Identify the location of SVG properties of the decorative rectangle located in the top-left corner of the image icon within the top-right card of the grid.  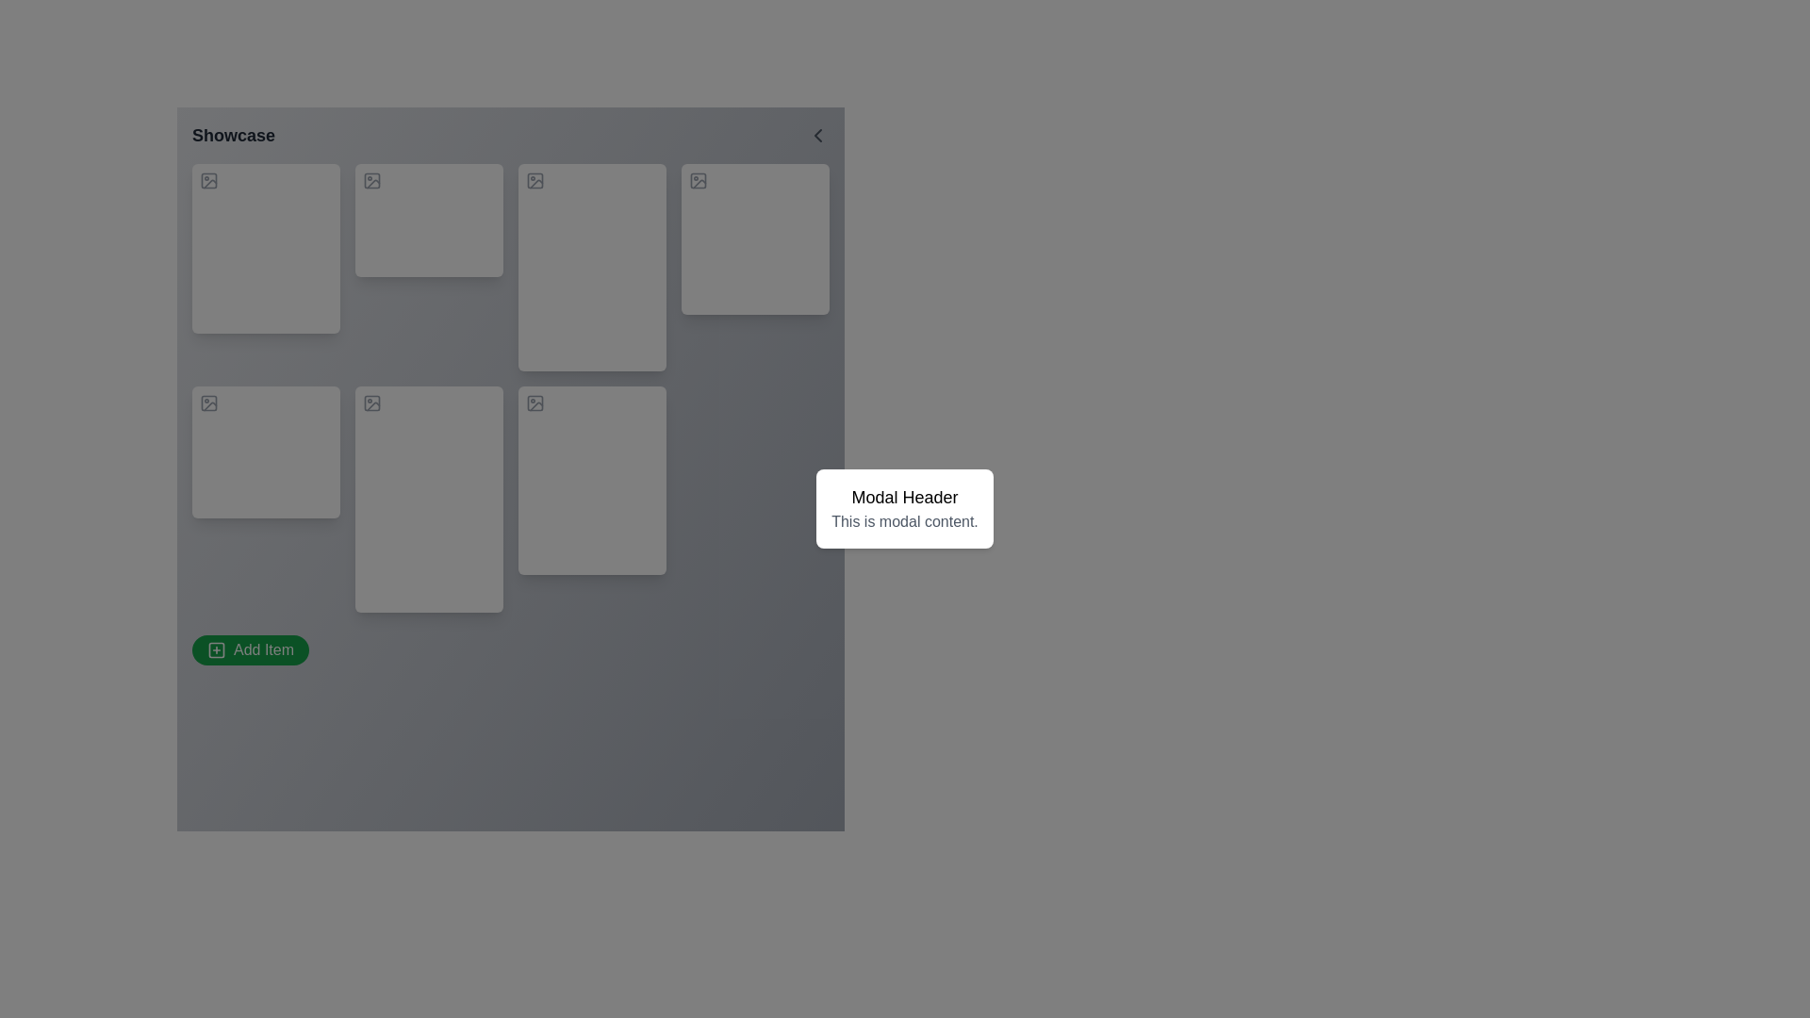
(534, 181).